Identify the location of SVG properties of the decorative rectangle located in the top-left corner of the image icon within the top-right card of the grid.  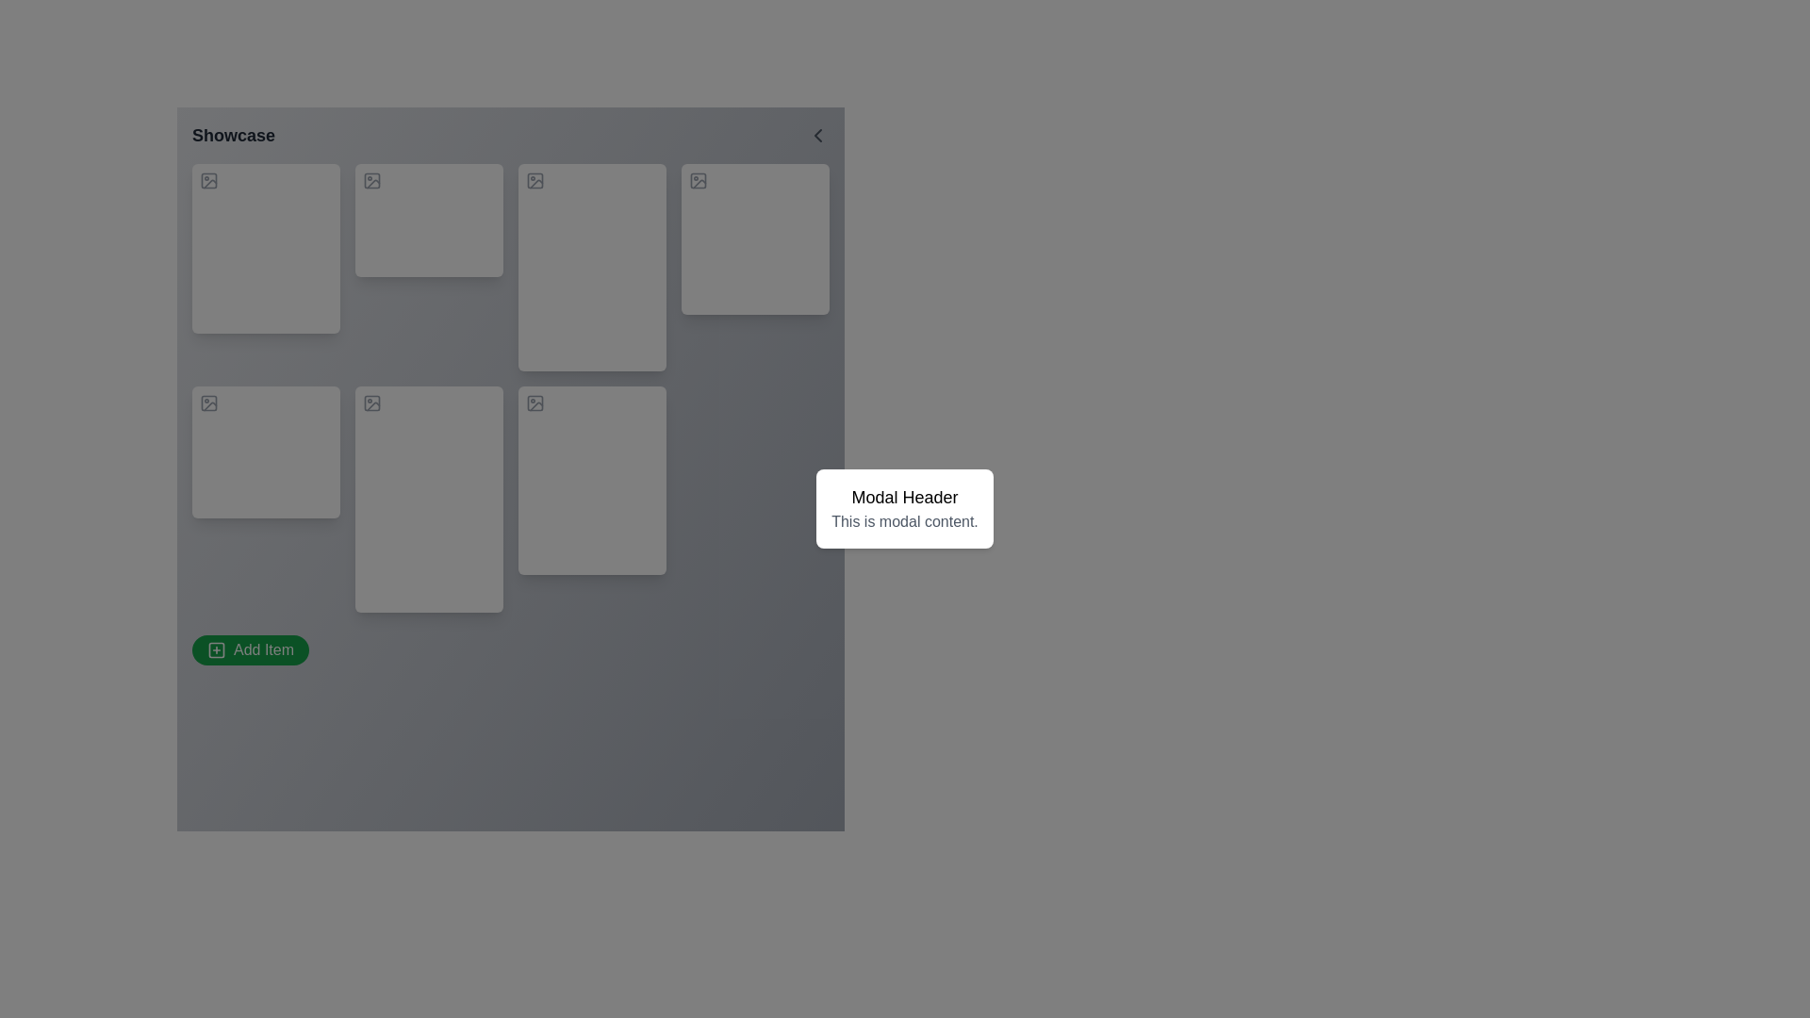
(534, 181).